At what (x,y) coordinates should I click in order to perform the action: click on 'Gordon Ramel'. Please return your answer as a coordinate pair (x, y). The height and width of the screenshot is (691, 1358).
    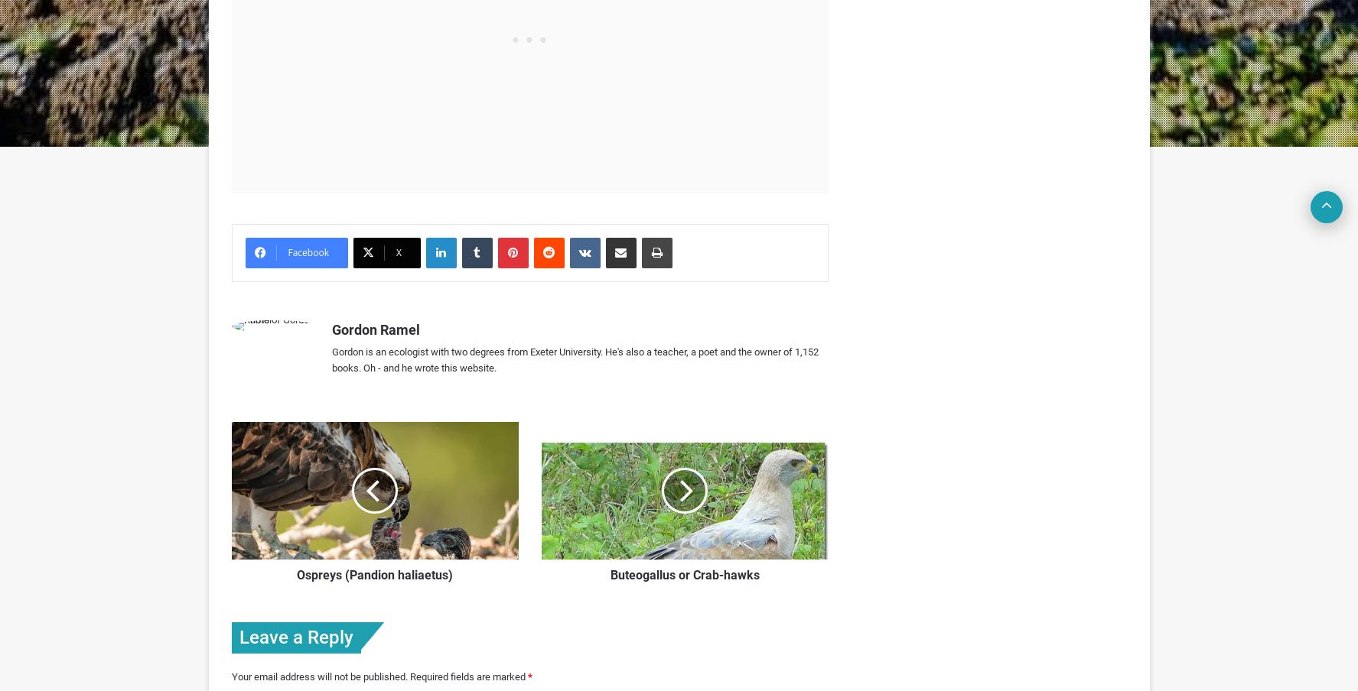
    Looking at the image, I should click on (374, 329).